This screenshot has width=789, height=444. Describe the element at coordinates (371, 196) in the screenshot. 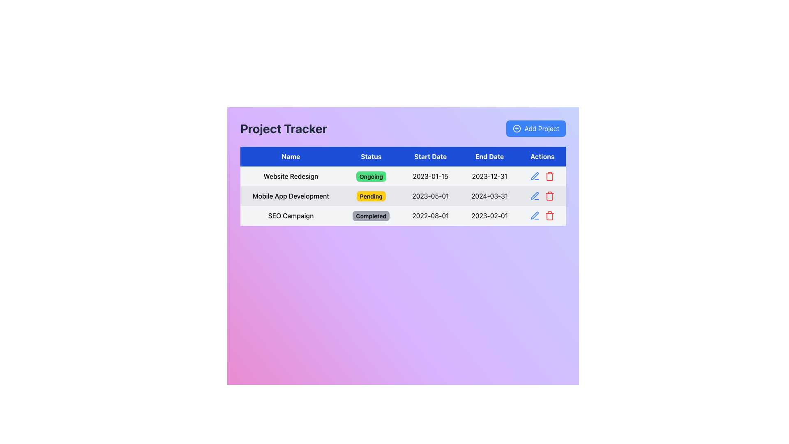

I see `the 'Pending' status label in the second row of the 'Status' column for the 'Mobile App Development' table` at that location.